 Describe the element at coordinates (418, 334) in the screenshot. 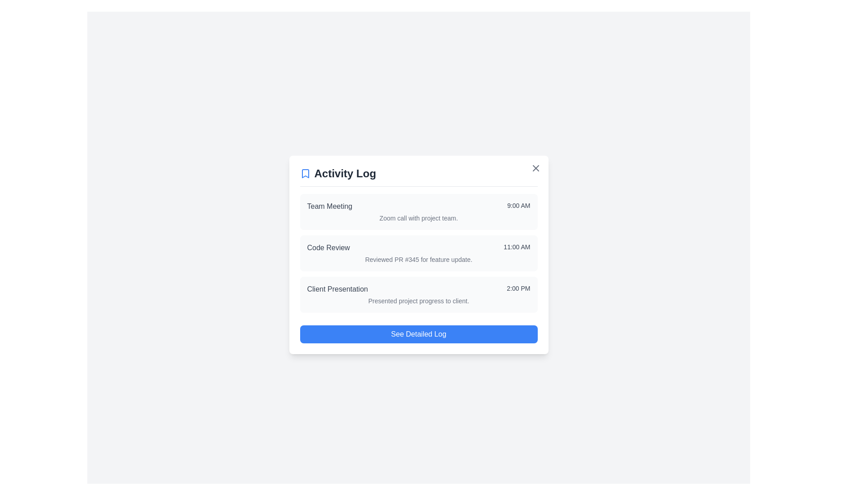

I see `the 'See Detailed Log' button` at that location.